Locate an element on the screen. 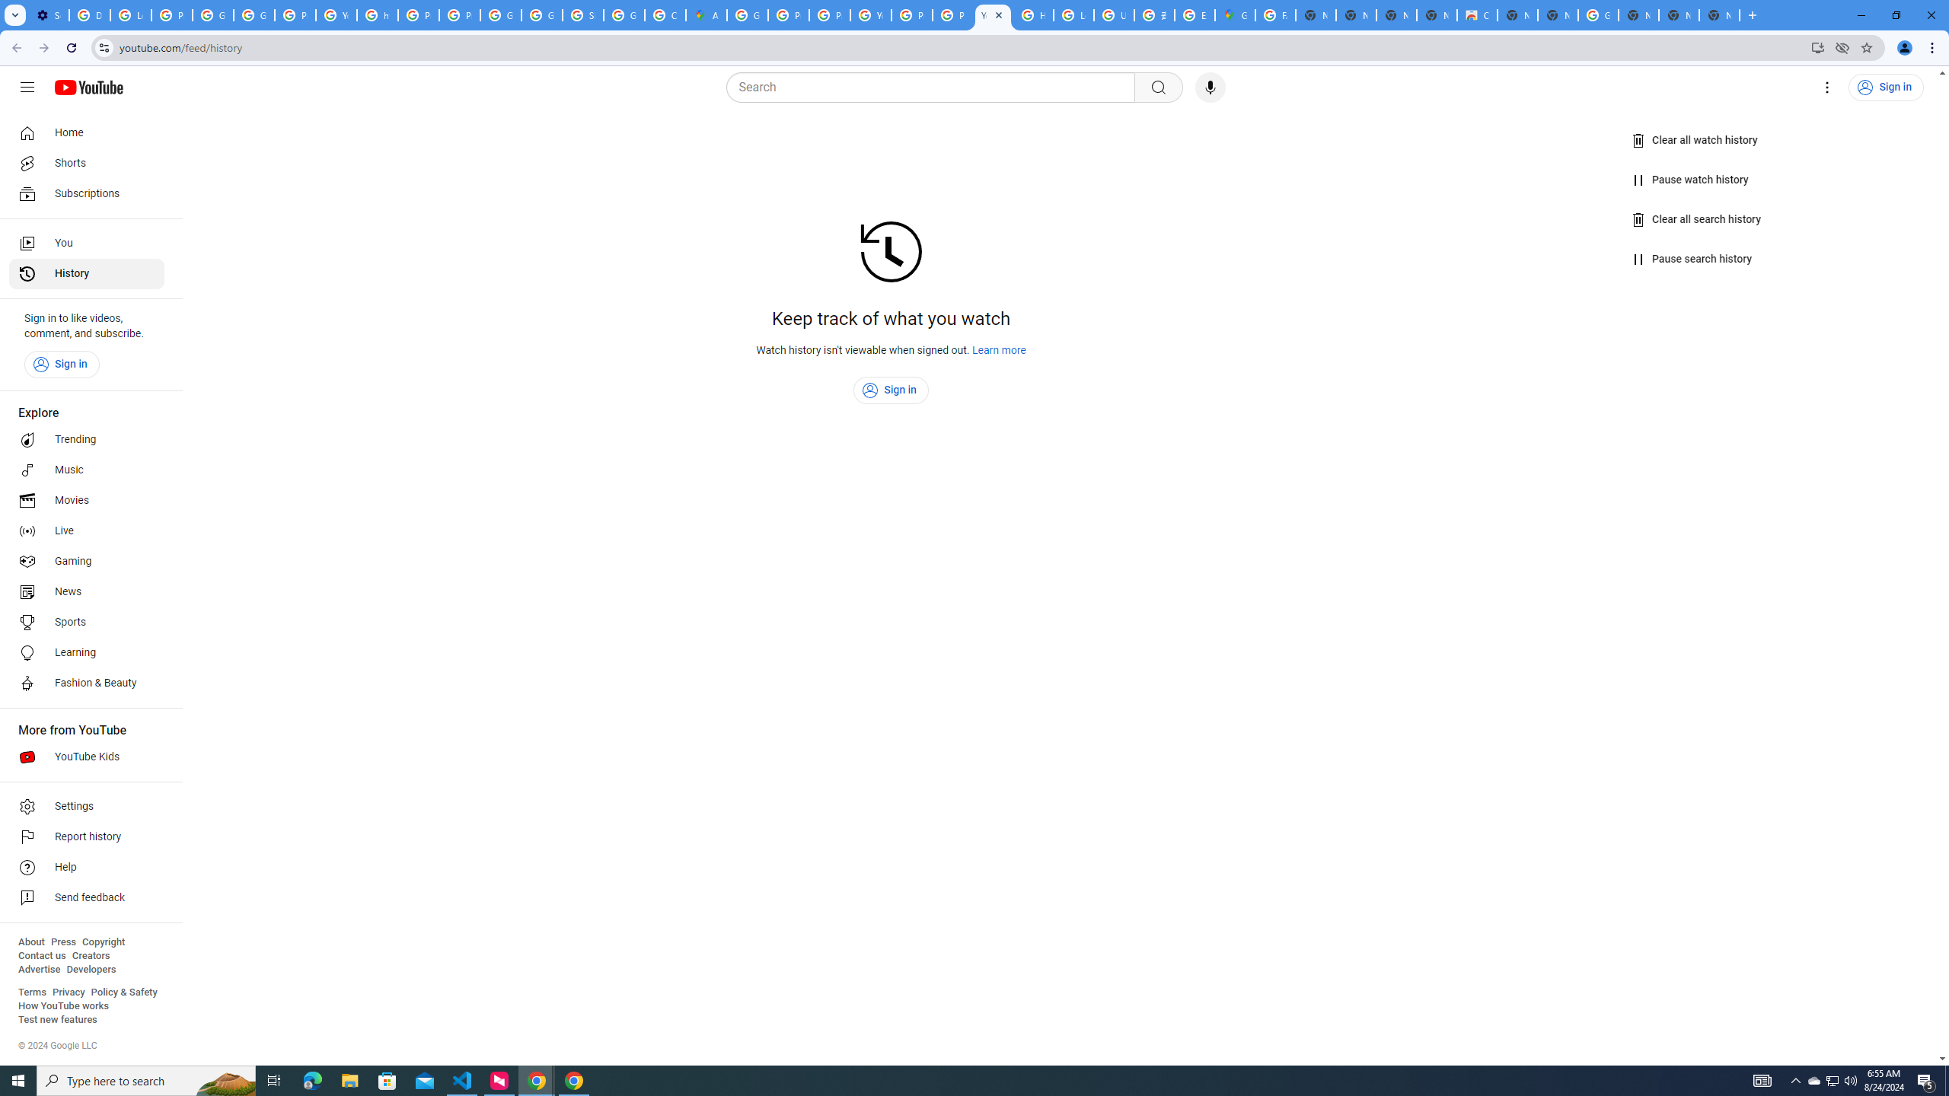  'Search with your voice' is located at coordinates (1210, 87).